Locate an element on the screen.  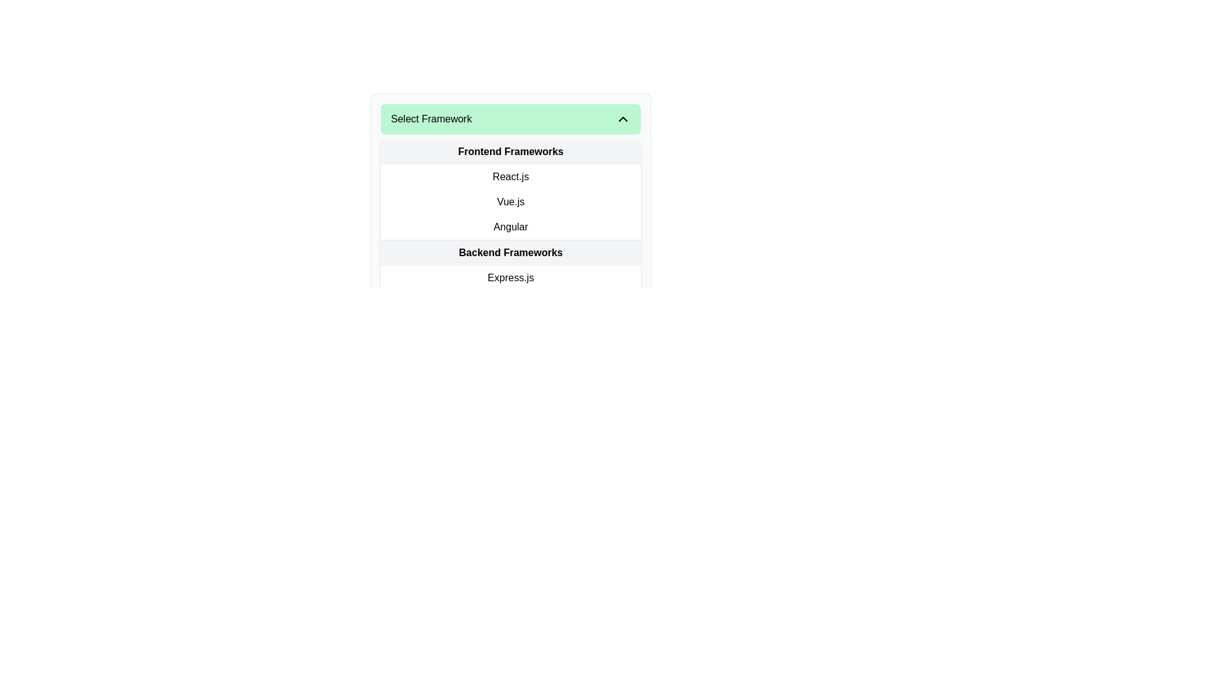
the 'Vue.js' menu item, which is the second item in the 'Frontend Frameworks' section of the list is located at coordinates (511, 201).